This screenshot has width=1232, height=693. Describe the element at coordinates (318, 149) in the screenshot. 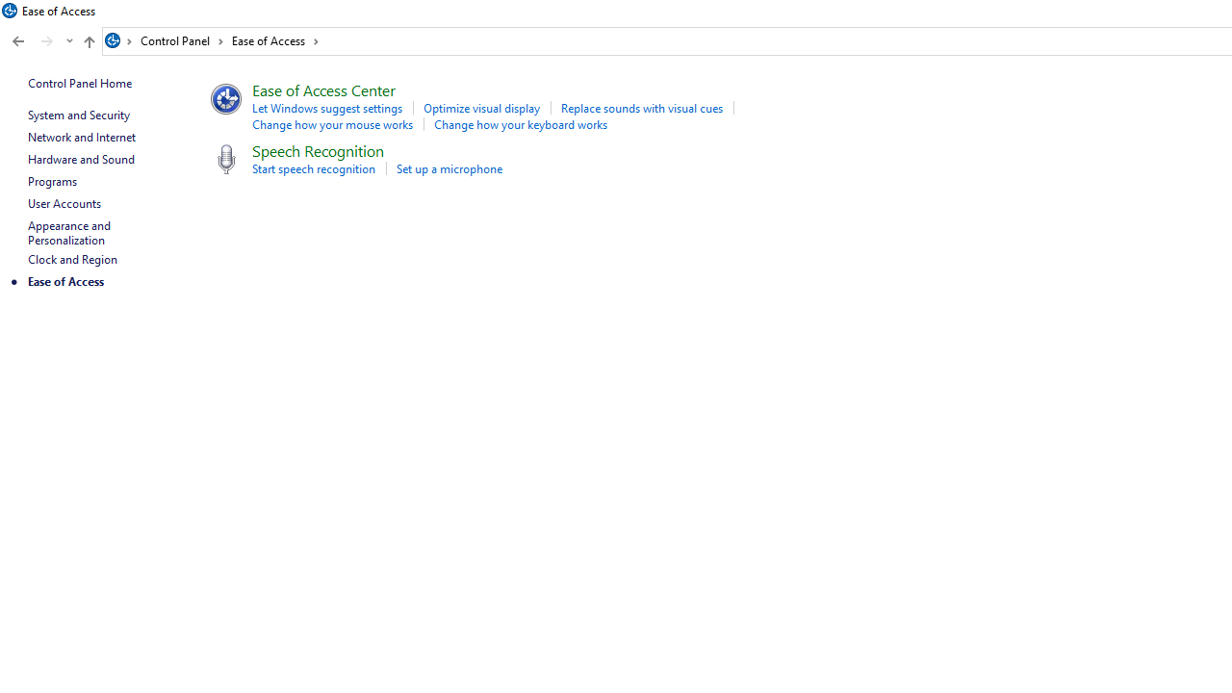

I see `'Speech Recognition'` at that location.